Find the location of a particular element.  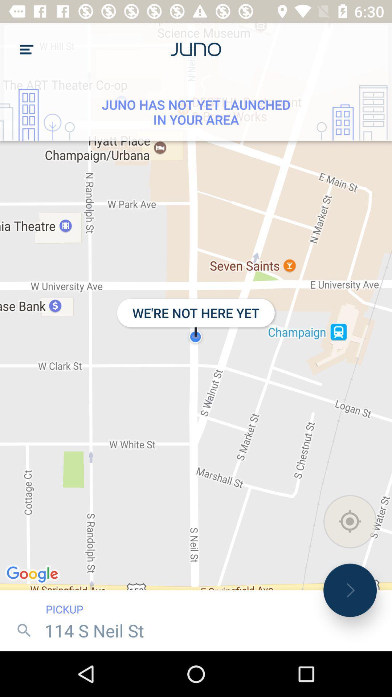

the location_crosshair icon is located at coordinates (350, 521).